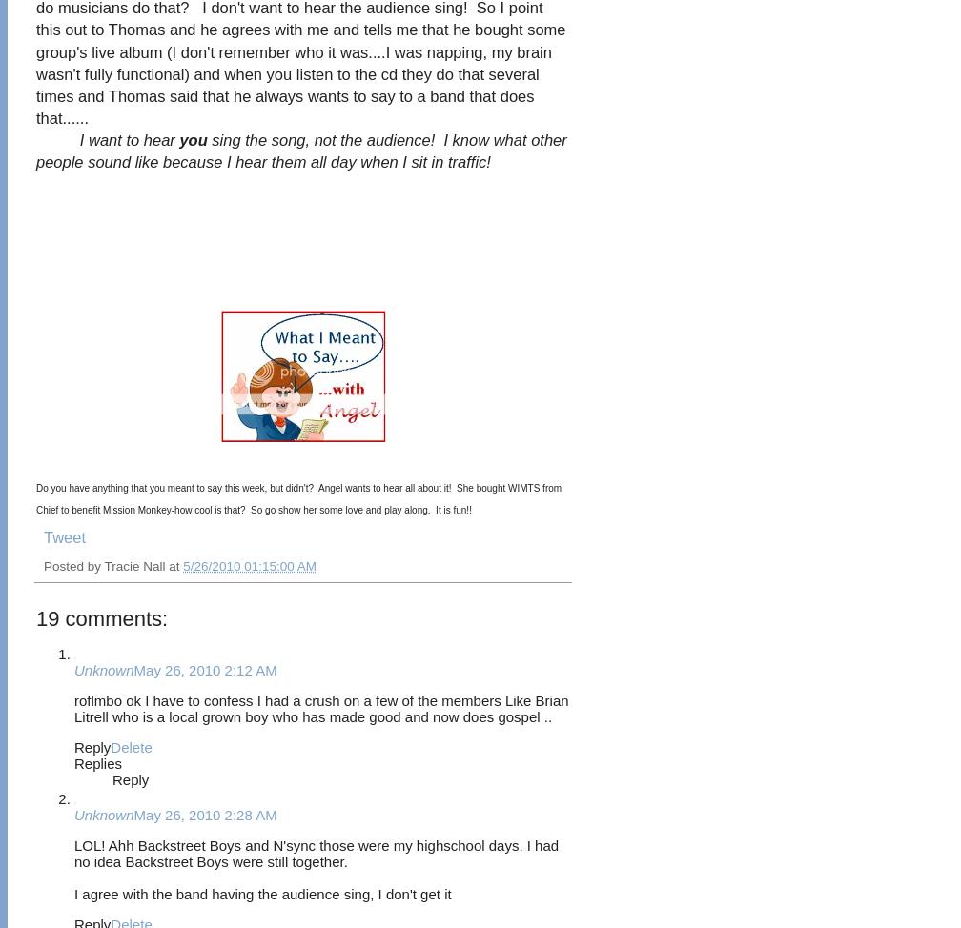  What do you see at coordinates (129, 138) in the screenshot?
I see `'I want to hear'` at bounding box center [129, 138].